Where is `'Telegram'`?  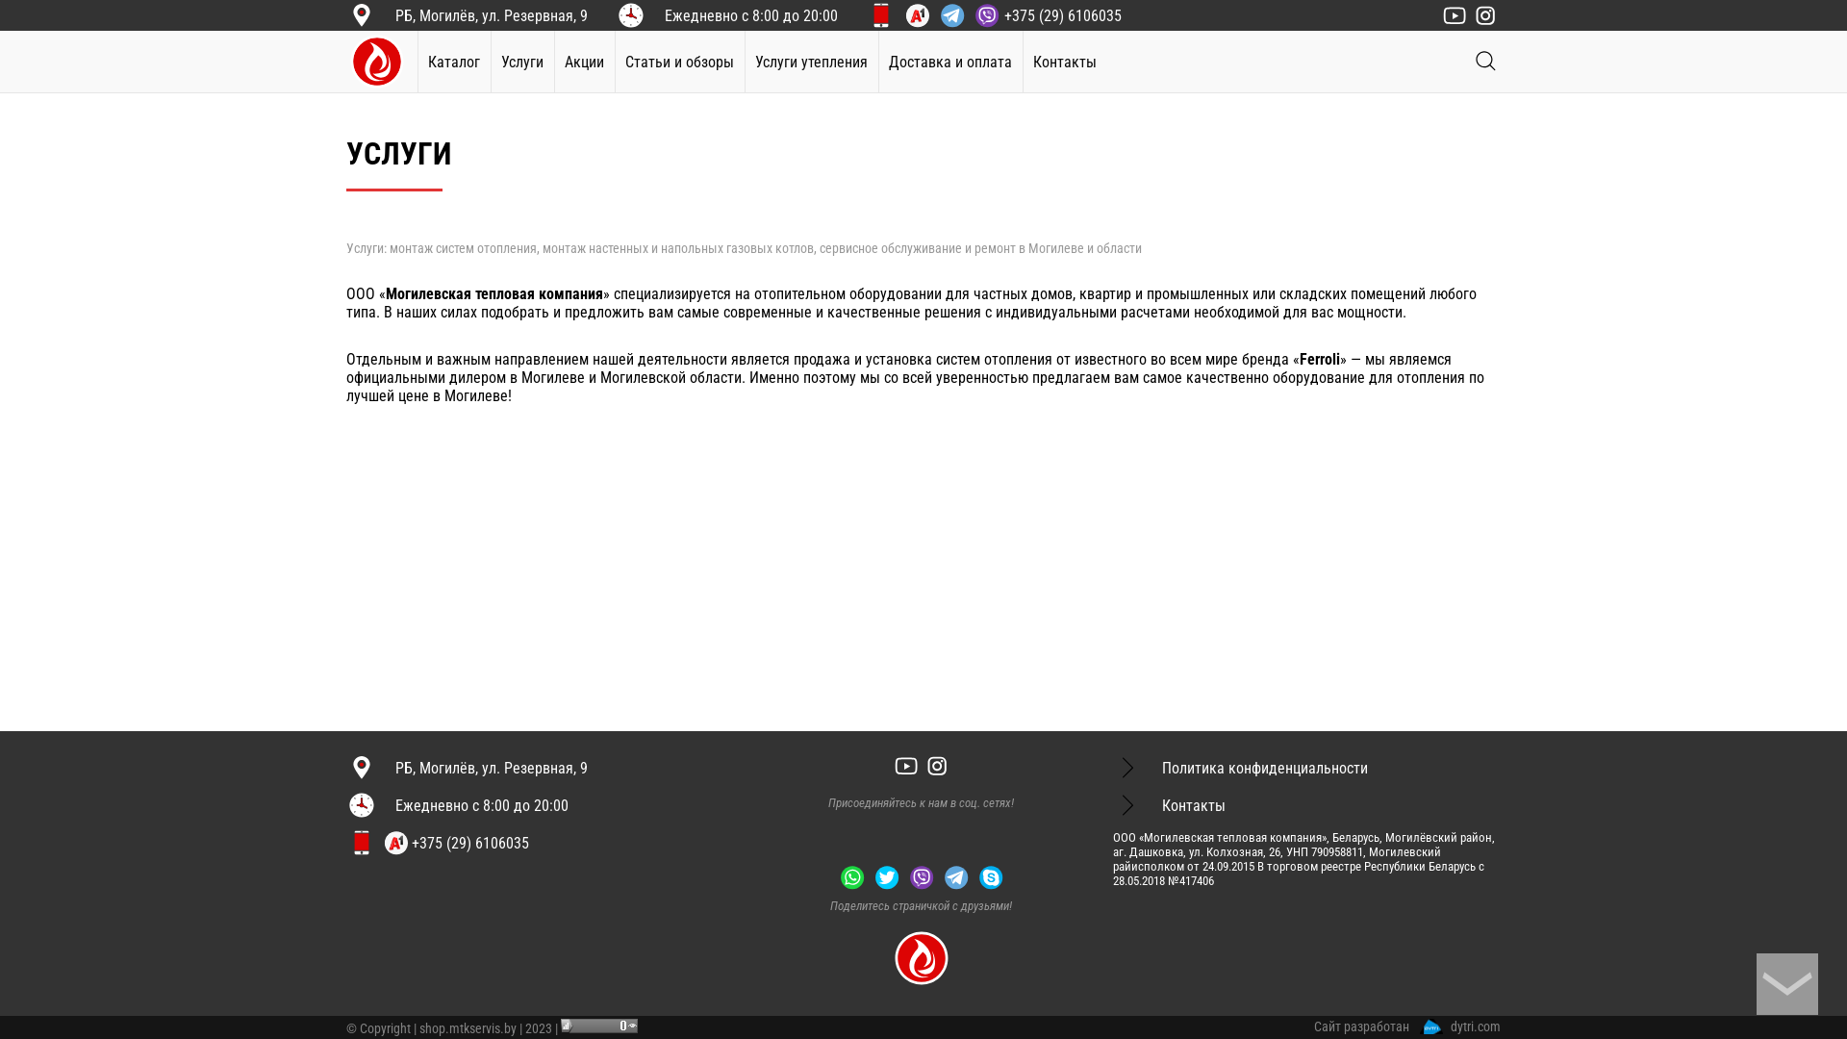
'Telegram' is located at coordinates (955, 876).